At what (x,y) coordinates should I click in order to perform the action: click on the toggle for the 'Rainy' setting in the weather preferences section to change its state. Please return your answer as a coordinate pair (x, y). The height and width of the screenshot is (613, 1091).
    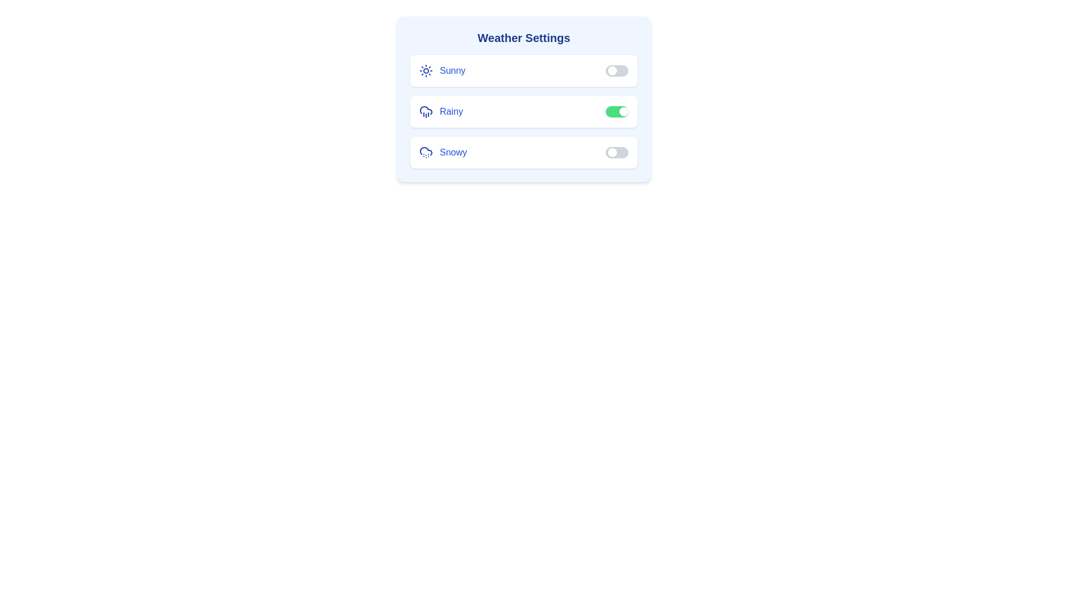
    Looking at the image, I should click on (523, 111).